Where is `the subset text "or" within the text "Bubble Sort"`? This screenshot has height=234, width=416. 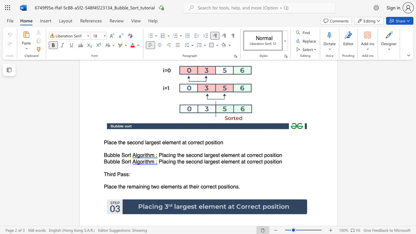
the subset text "or" within the text "Bubble Sort" is located at coordinates (125, 155).